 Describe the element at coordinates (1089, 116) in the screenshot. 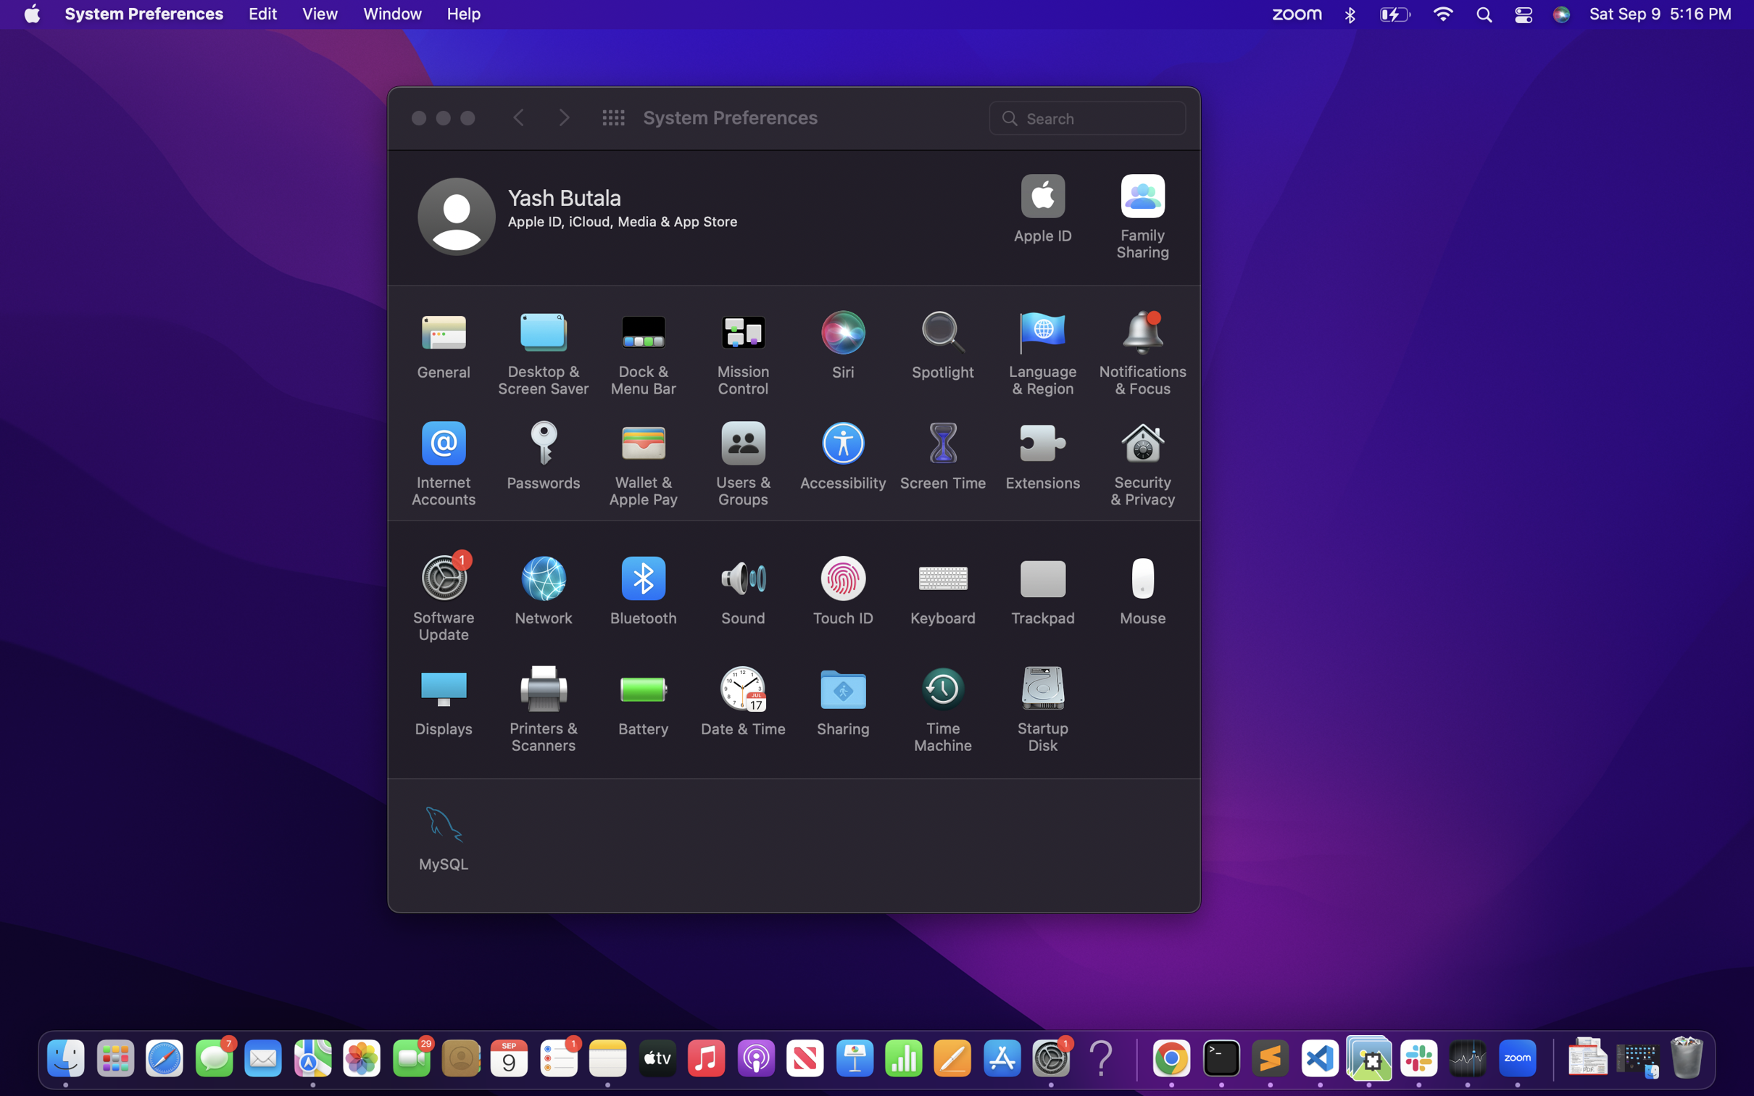

I see `Employ the search bar to navigate to the keyboard controls` at that location.